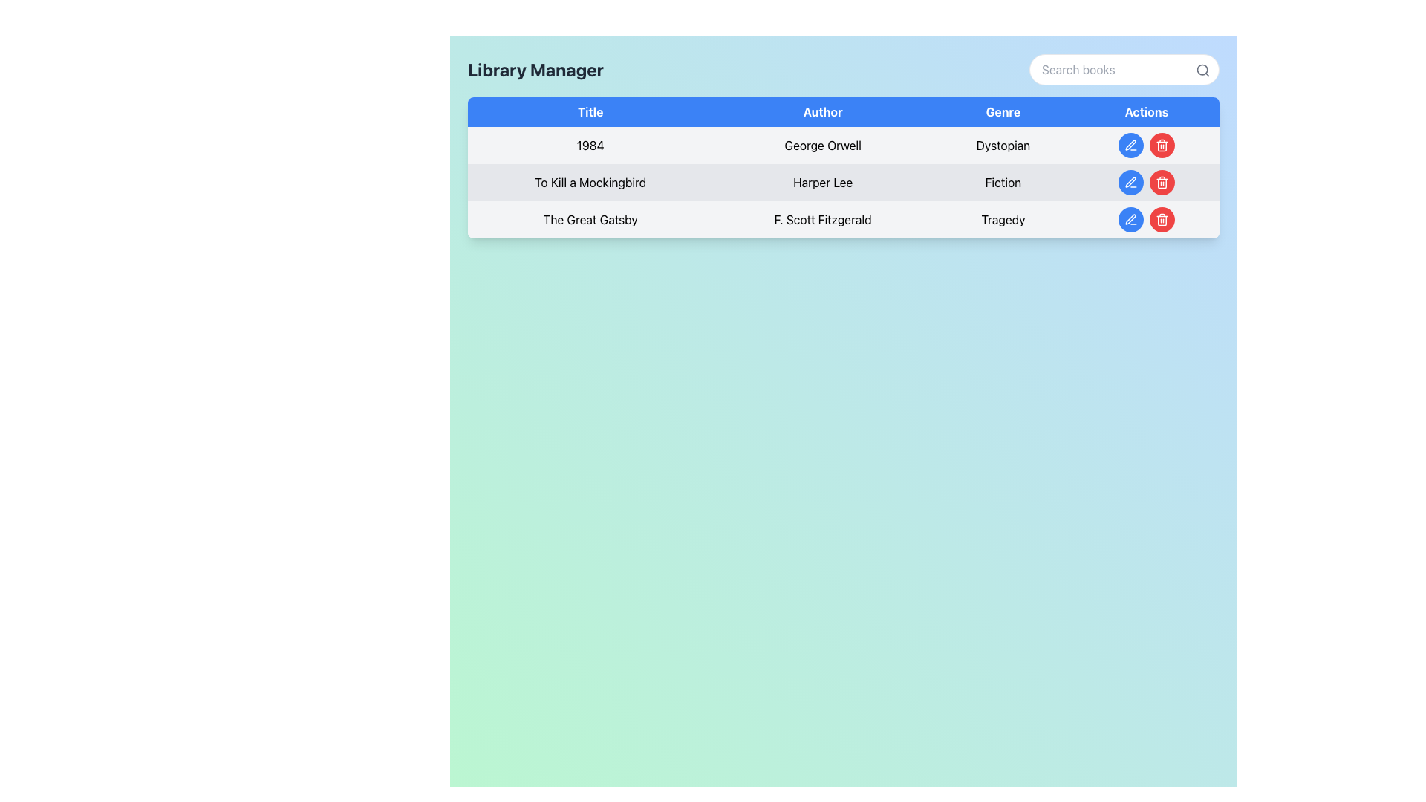 This screenshot has width=1426, height=802. Describe the element at coordinates (822, 182) in the screenshot. I see `the text label displaying 'Harper Lee' located in the second row under the 'Author' column of the table` at that location.